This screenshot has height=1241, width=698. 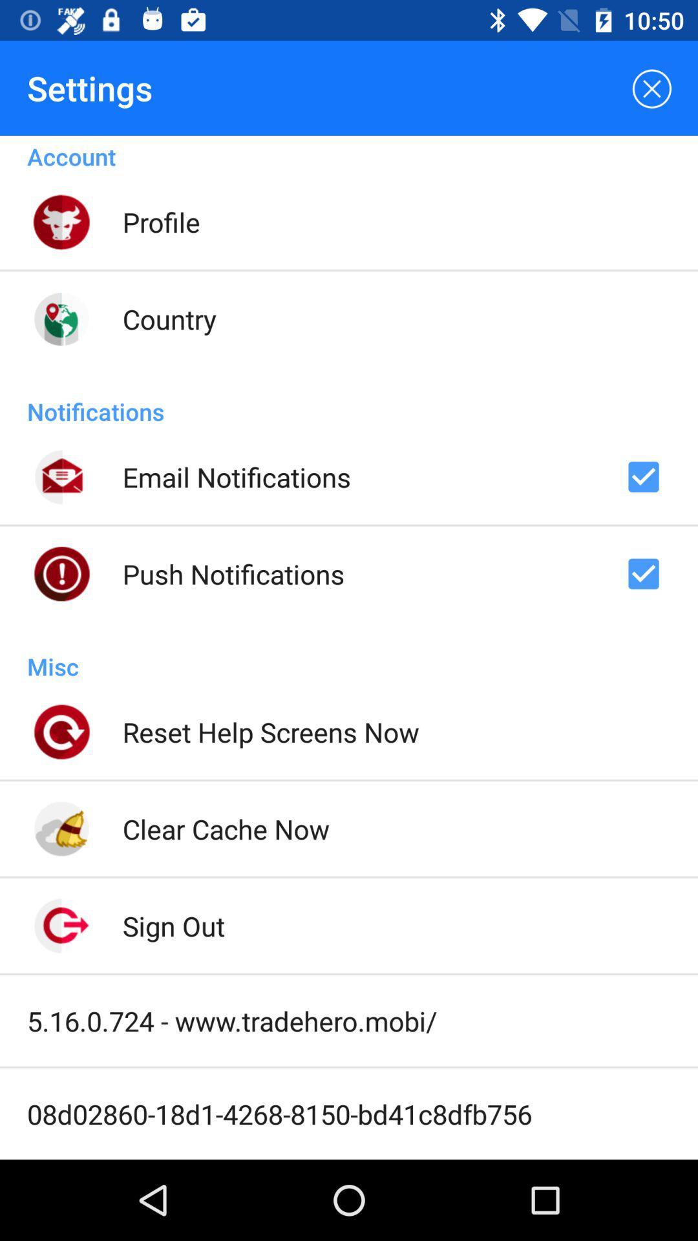 I want to click on the item below the clear cache now item, so click(x=173, y=925).